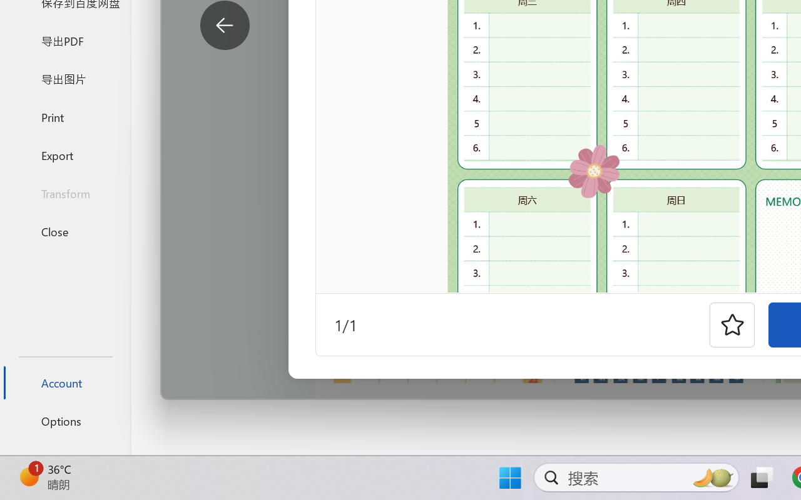 Image resolution: width=801 pixels, height=500 pixels. Describe the element at coordinates (64, 192) in the screenshot. I see `'Transform'` at that location.